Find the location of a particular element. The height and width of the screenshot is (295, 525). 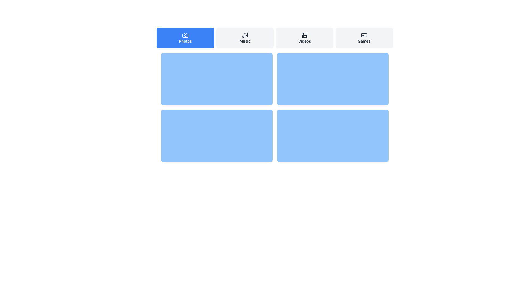

code of the gaming controller icon, which is a rounded rectangle located within the 'Games' section of the interface is located at coordinates (364, 35).